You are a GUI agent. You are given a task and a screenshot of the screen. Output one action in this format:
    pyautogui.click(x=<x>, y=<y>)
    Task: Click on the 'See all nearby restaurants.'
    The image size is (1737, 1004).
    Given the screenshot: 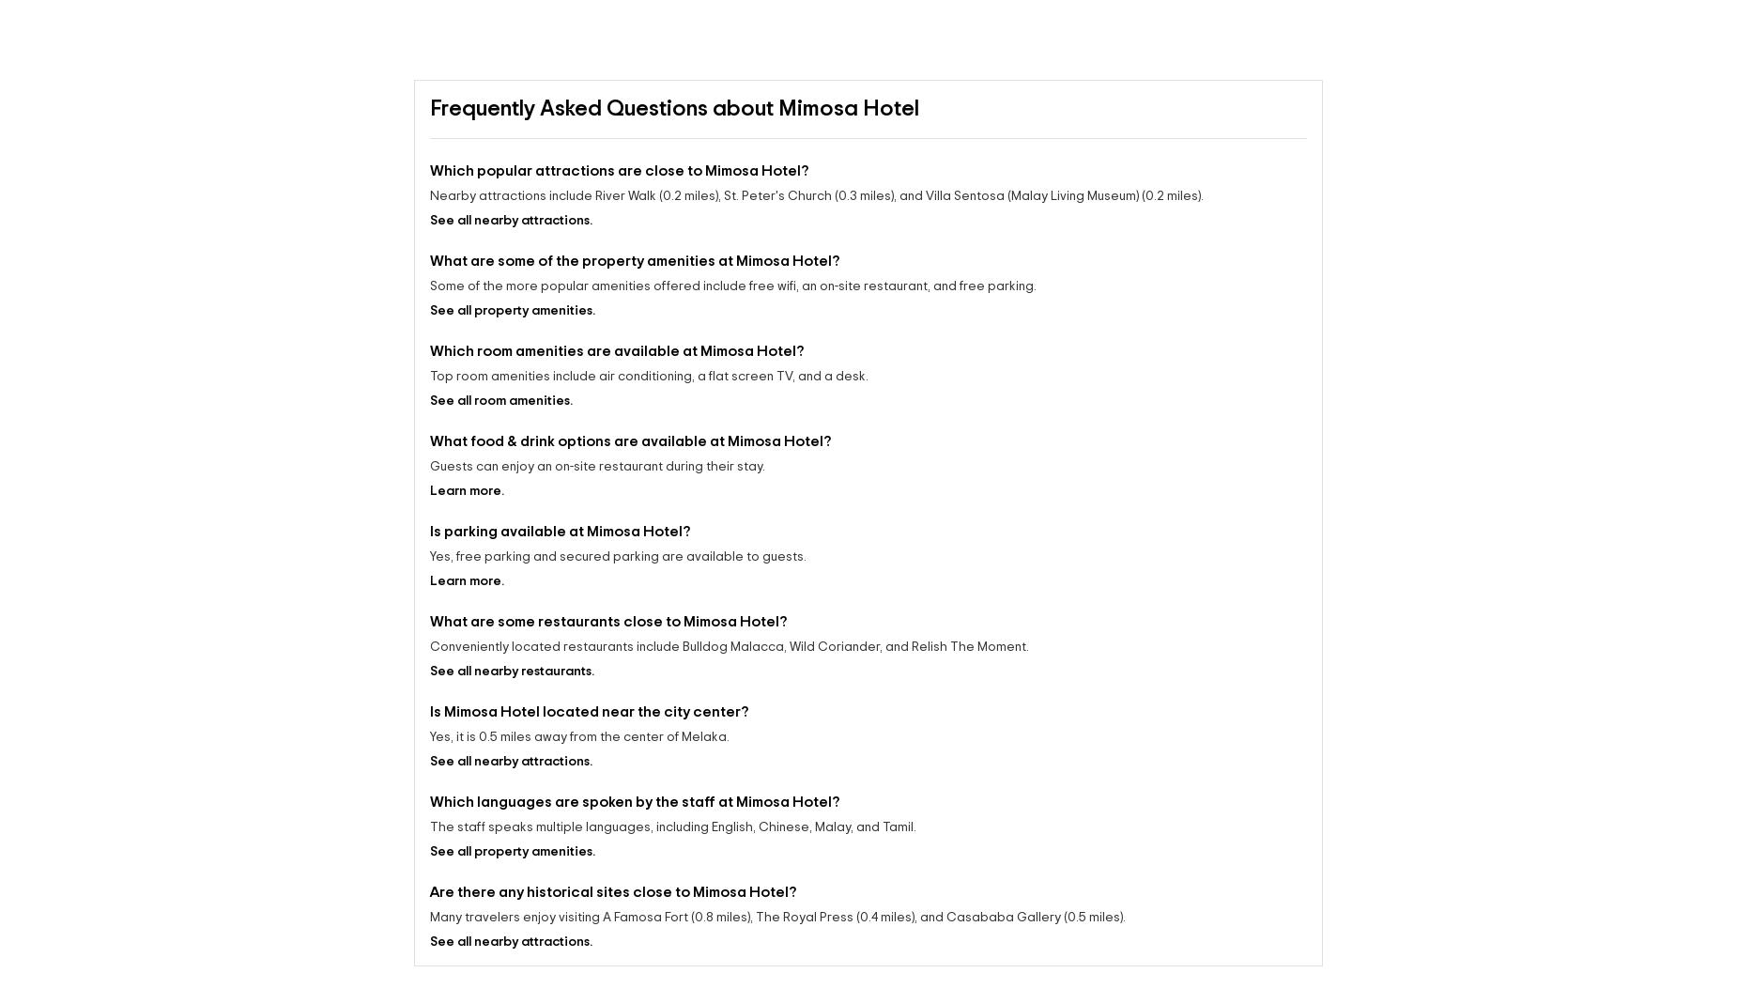 What is the action you would take?
    pyautogui.click(x=512, y=669)
    